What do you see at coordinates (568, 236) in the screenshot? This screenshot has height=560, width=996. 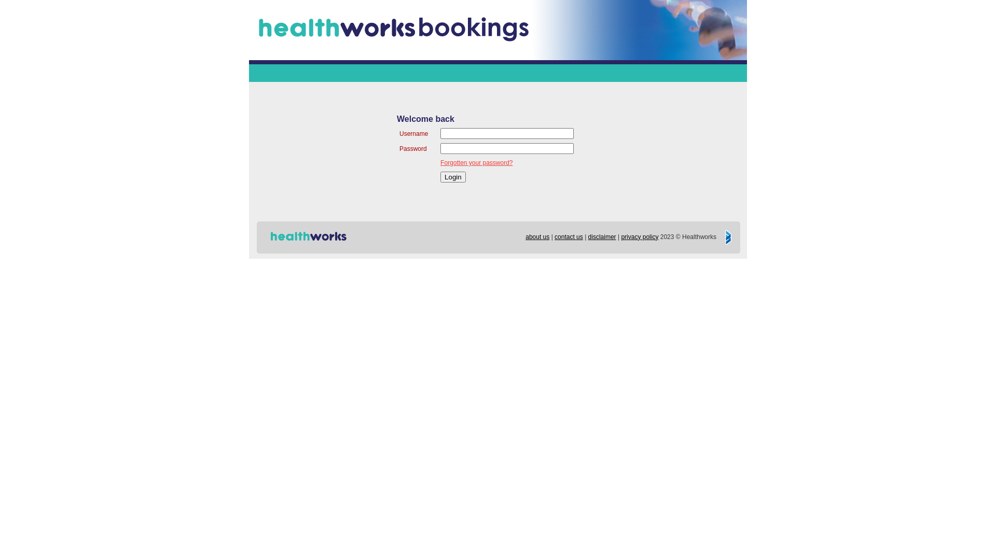 I see `'contact us'` at bounding box center [568, 236].